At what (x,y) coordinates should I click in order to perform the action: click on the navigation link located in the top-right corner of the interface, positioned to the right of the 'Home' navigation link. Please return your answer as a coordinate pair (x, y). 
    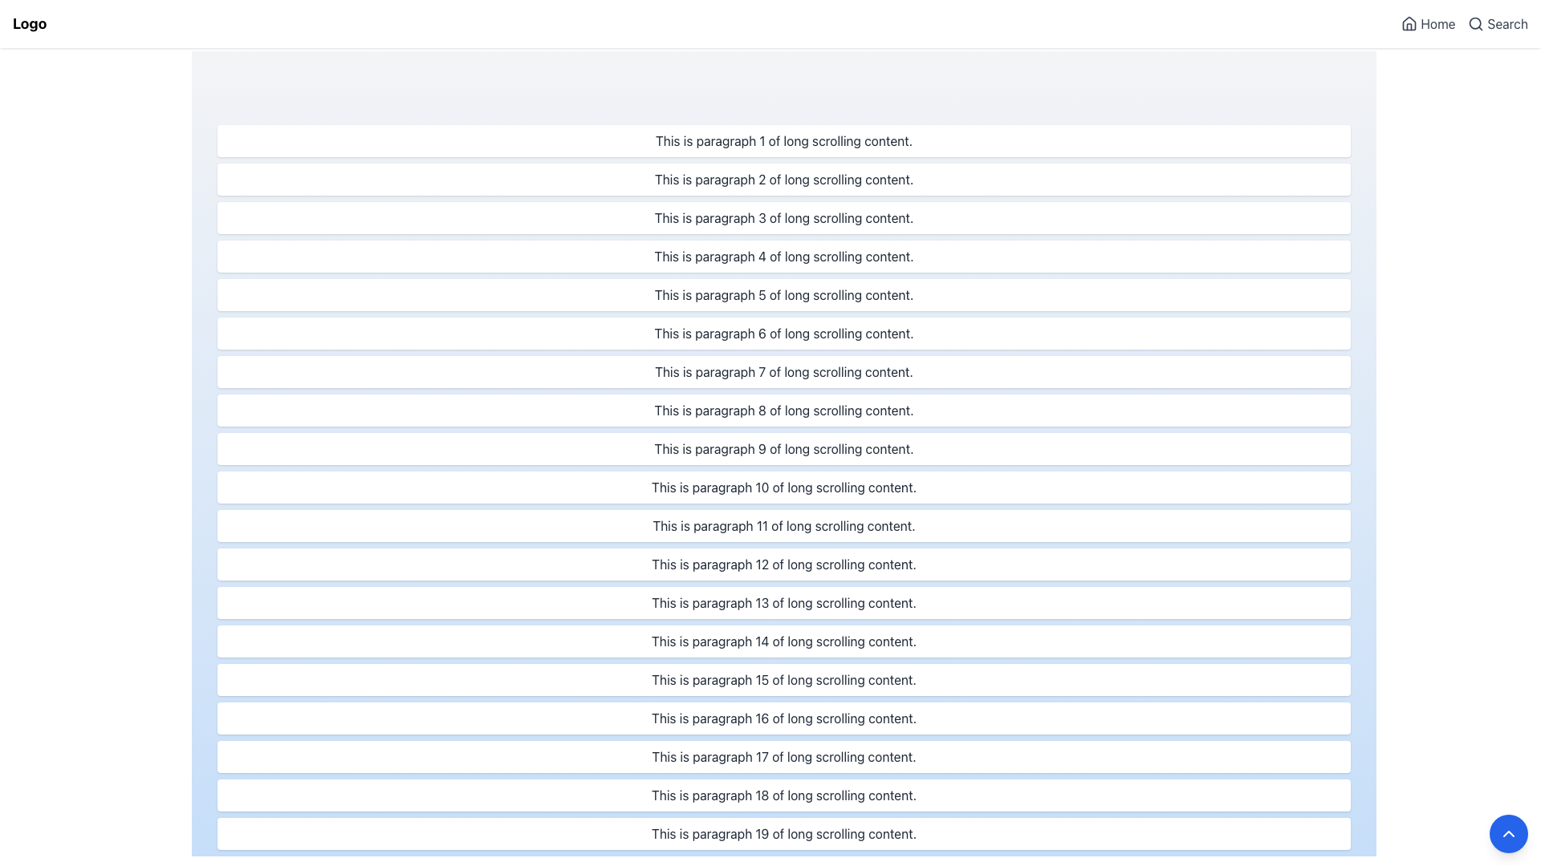
    Looking at the image, I should click on (1497, 24).